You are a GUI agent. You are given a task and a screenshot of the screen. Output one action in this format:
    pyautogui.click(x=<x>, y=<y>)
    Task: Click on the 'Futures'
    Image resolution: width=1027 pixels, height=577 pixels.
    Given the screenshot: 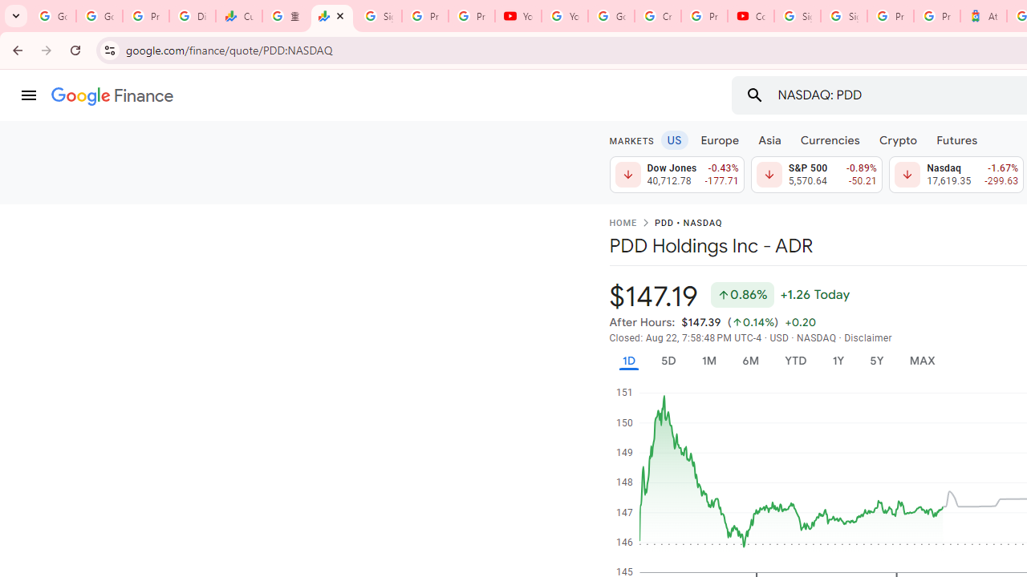 What is the action you would take?
    pyautogui.click(x=956, y=139)
    